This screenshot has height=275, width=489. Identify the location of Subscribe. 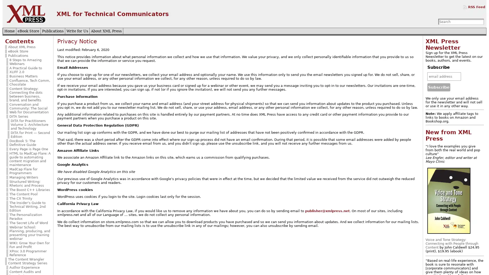
(439, 87).